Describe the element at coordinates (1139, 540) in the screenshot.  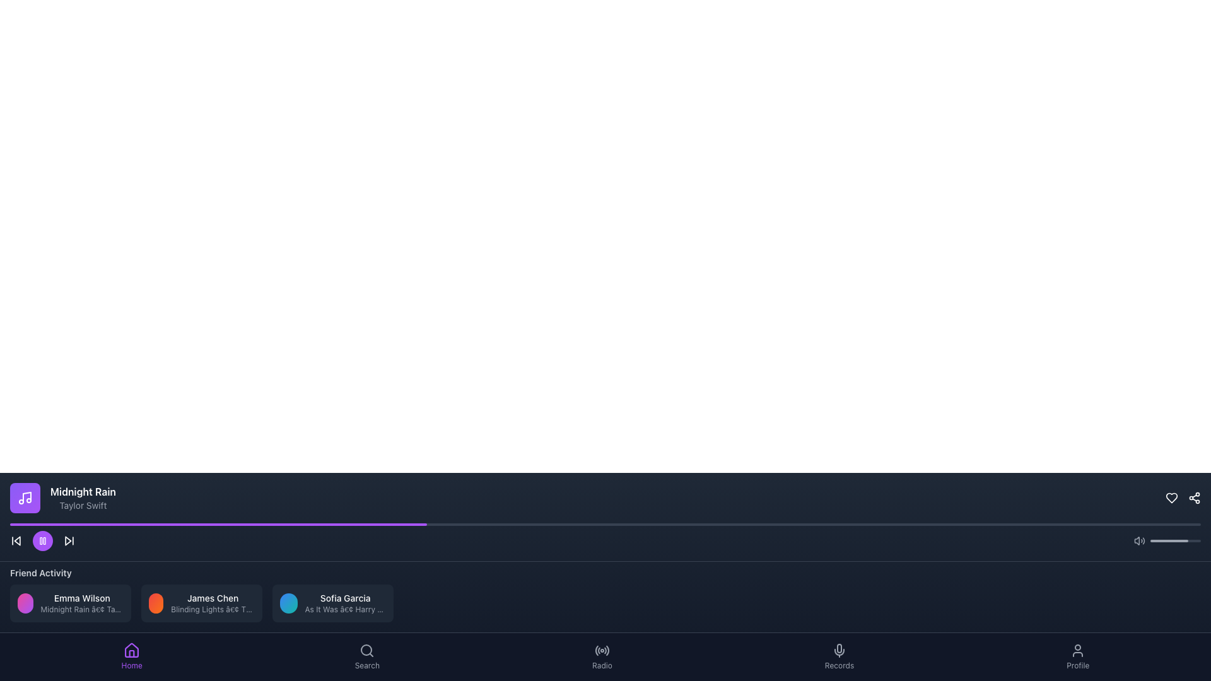
I see `the volume icon, which is a light gray speaker with sound waves, located at the left end of the bottom bar in the player interface` at that location.